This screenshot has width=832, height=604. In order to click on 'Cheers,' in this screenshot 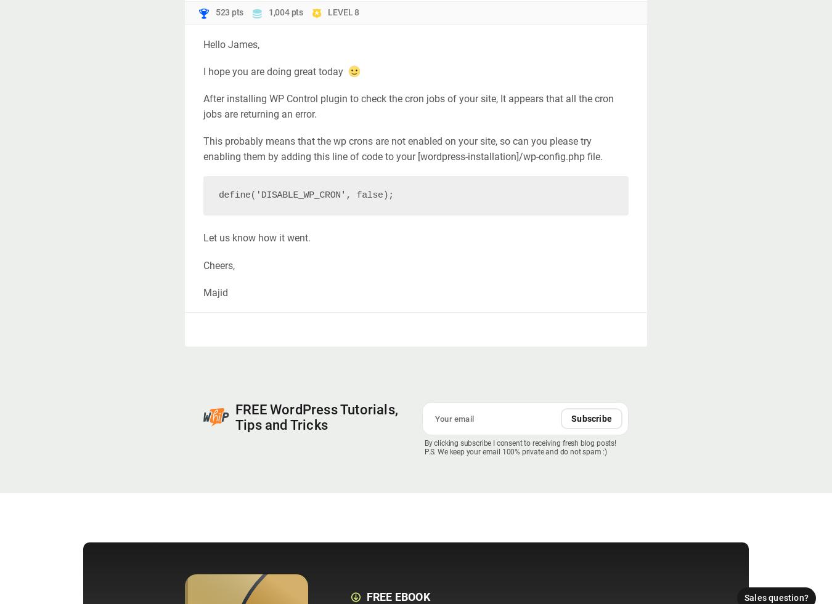, I will do `click(219, 264)`.